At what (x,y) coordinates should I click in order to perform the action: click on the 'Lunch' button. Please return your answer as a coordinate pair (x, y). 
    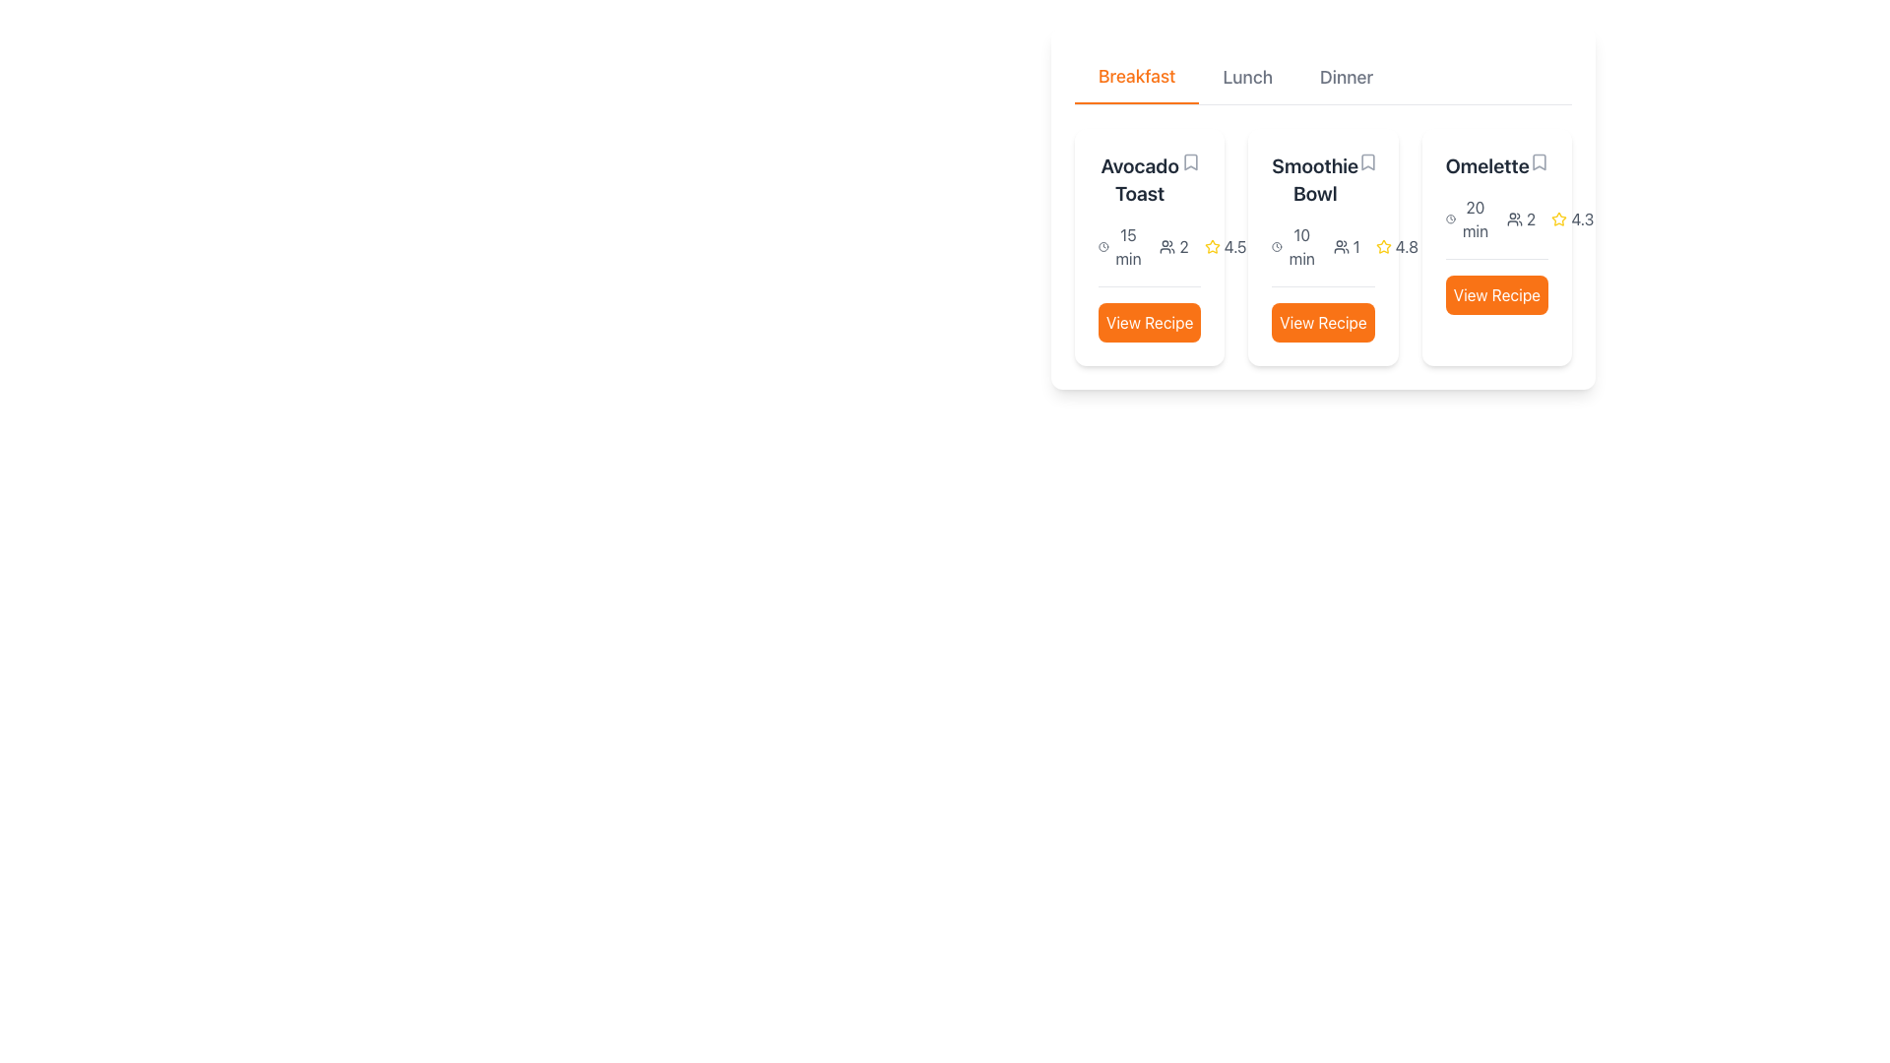
    Looking at the image, I should click on (1246, 76).